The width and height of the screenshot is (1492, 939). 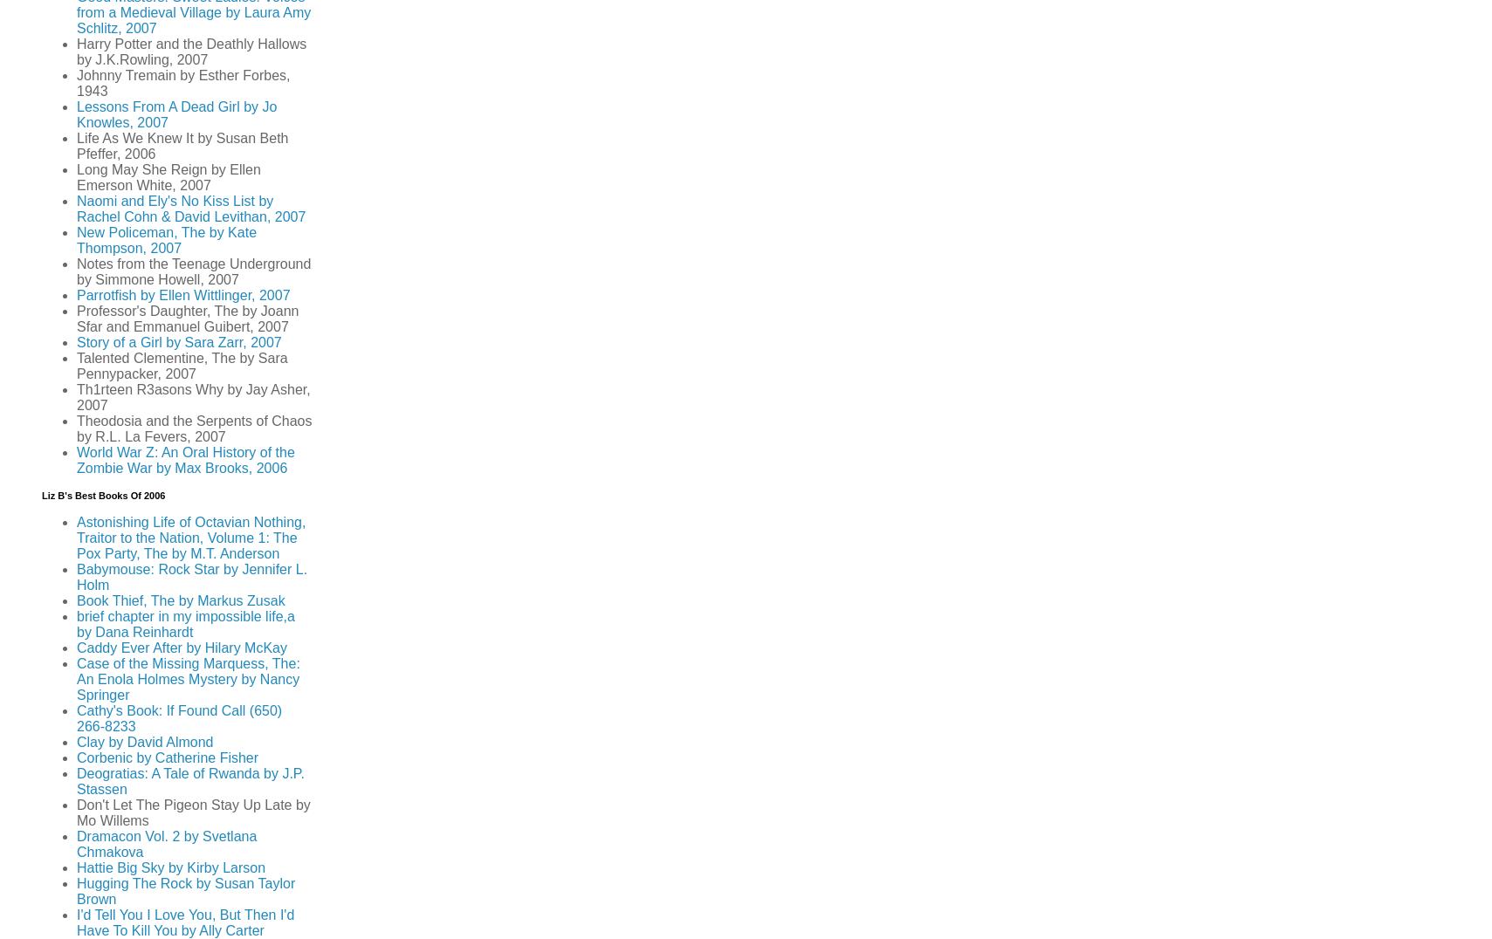 What do you see at coordinates (182, 295) in the screenshot?
I see `'Parrotfish by Ellen Wittlinger, 2007'` at bounding box center [182, 295].